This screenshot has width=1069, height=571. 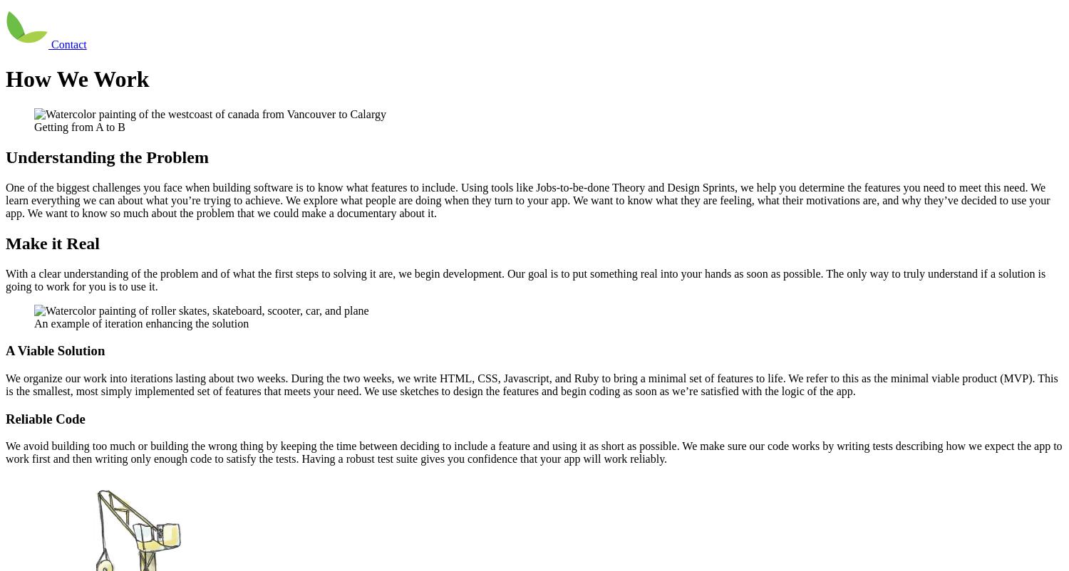 What do you see at coordinates (51, 43) in the screenshot?
I see `'Contact'` at bounding box center [51, 43].